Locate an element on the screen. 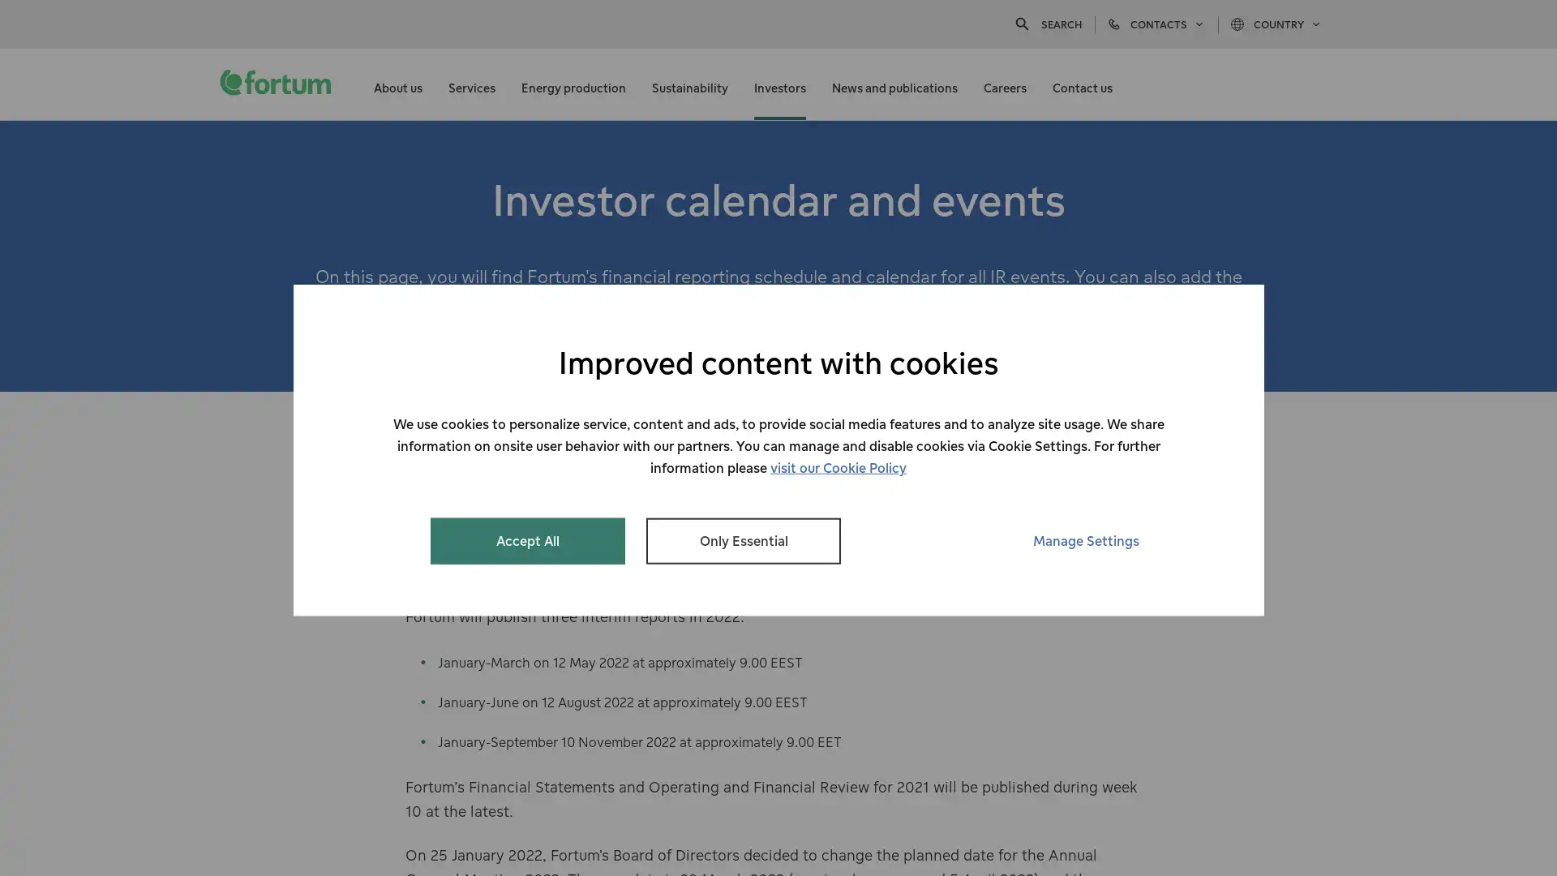 The image size is (1557, 876). Accept All is located at coordinates (528, 540).